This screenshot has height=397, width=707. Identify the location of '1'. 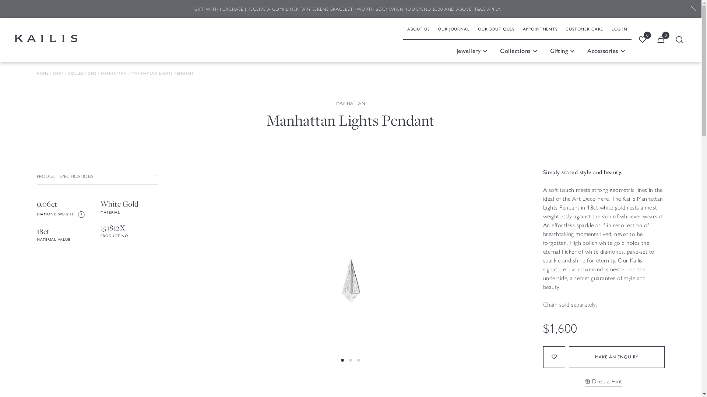
(342, 378).